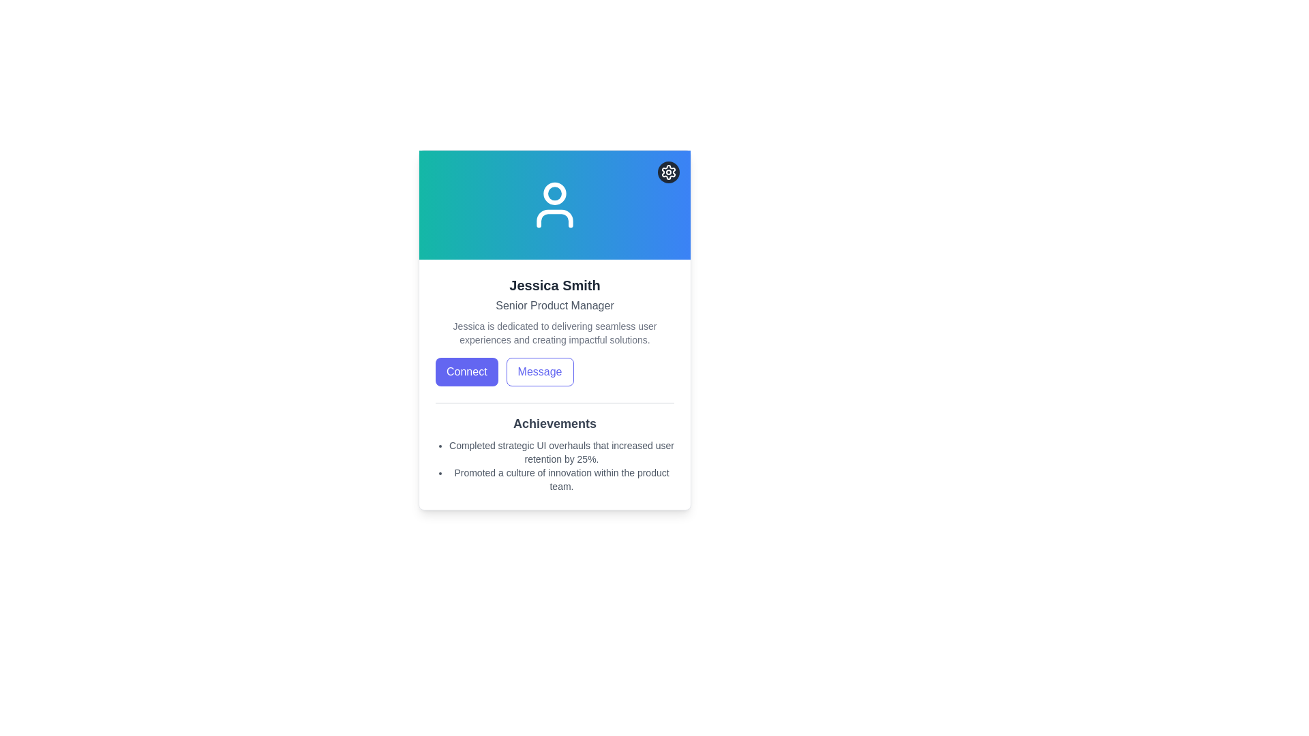  Describe the element at coordinates (555, 204) in the screenshot. I see `the user profile icon, which is a white circular icon with a rectangular body outline, located in the center of a blue-to-teal gradient background at the top section of a card layout` at that location.